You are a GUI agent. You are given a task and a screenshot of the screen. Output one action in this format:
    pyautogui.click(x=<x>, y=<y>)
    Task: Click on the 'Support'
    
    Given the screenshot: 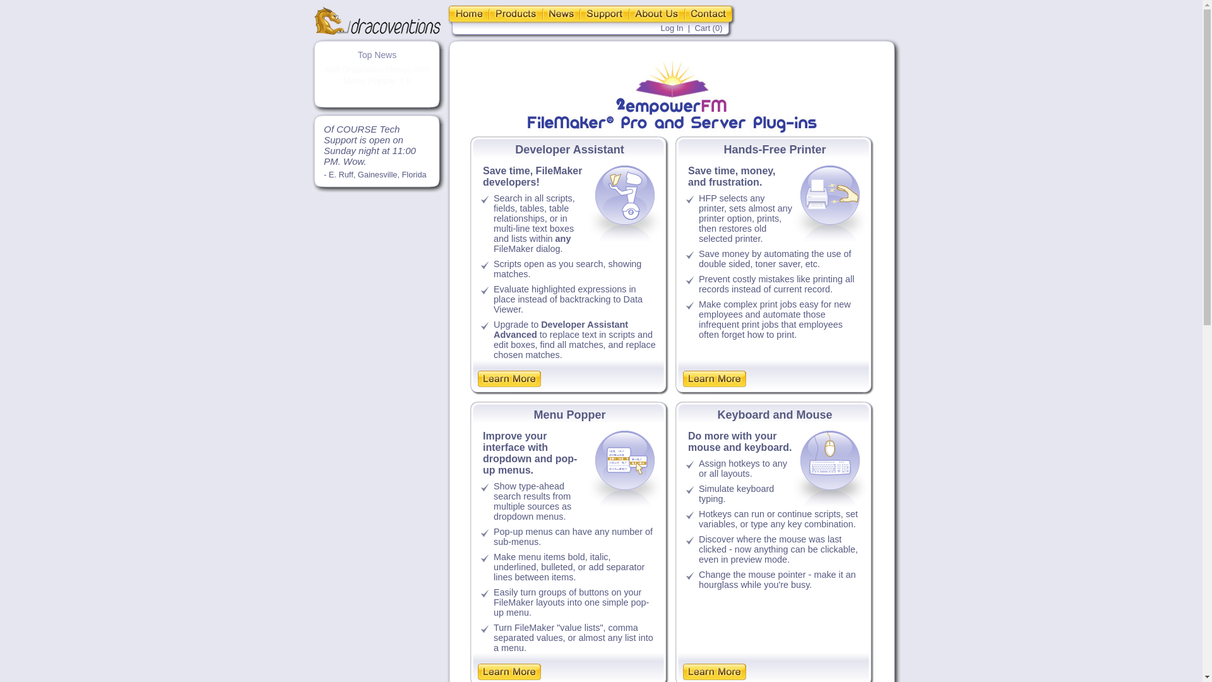 What is the action you would take?
    pyautogui.click(x=603, y=13)
    